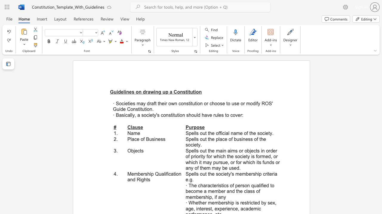 This screenshot has width=382, height=214. Describe the element at coordinates (191, 92) in the screenshot. I see `the 3th character "u" in the text` at that location.